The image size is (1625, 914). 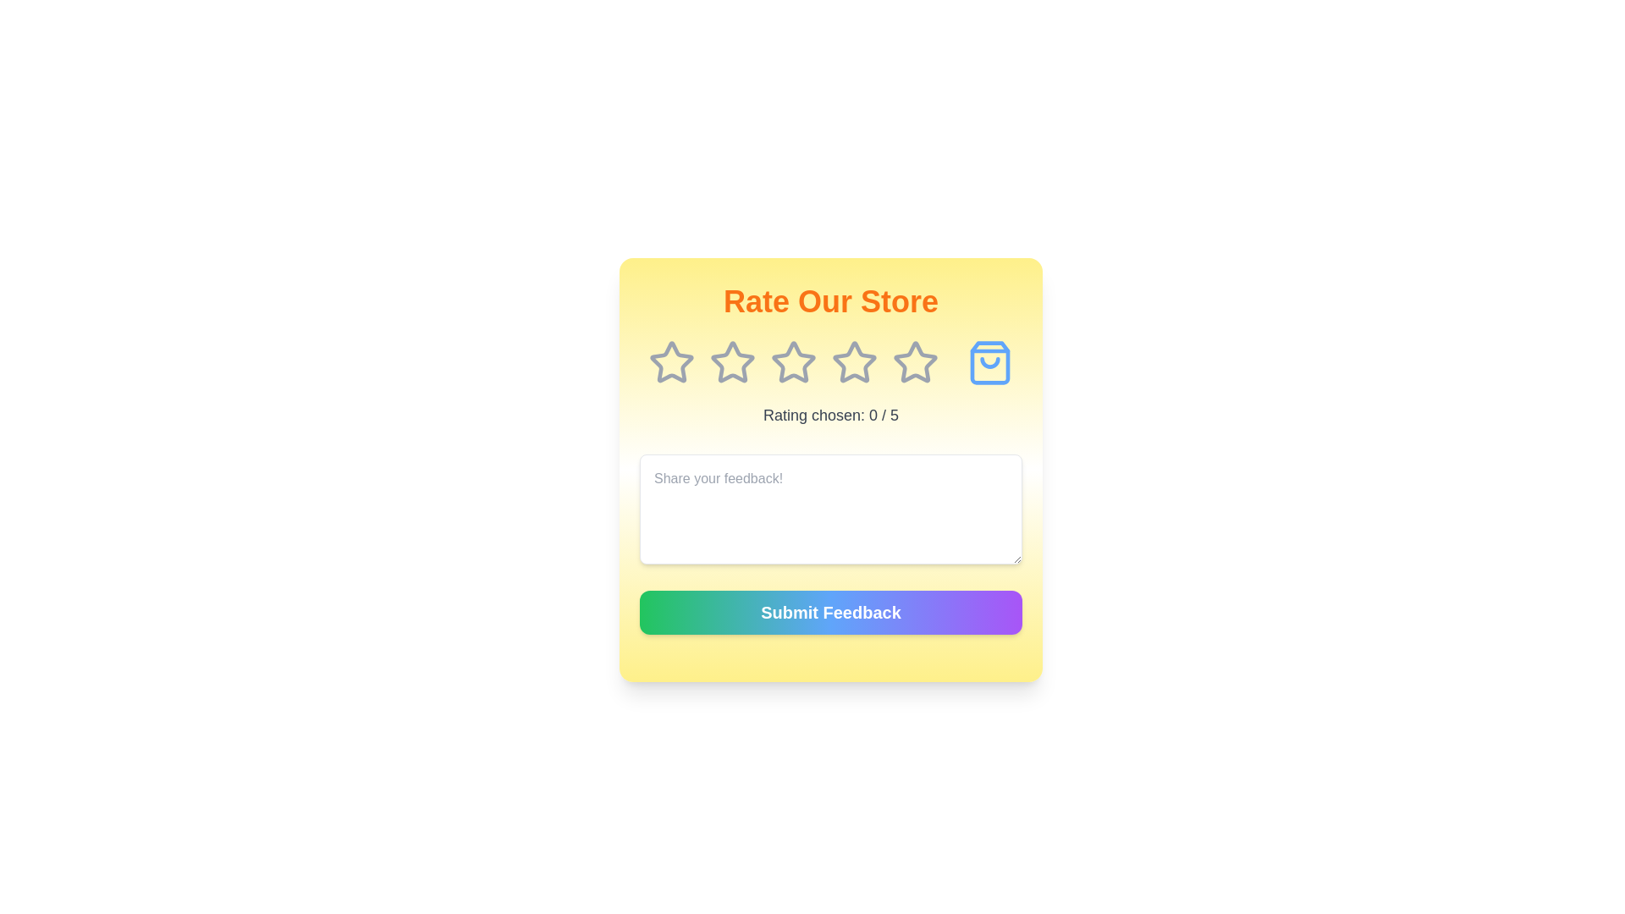 I want to click on the star corresponding to the desired rating 4 to set the rating, so click(x=854, y=361).